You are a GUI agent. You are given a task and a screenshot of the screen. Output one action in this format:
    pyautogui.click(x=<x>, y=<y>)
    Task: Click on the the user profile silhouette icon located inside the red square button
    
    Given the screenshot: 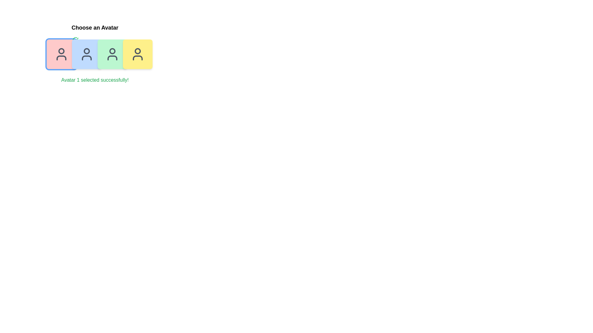 What is the action you would take?
    pyautogui.click(x=61, y=54)
    